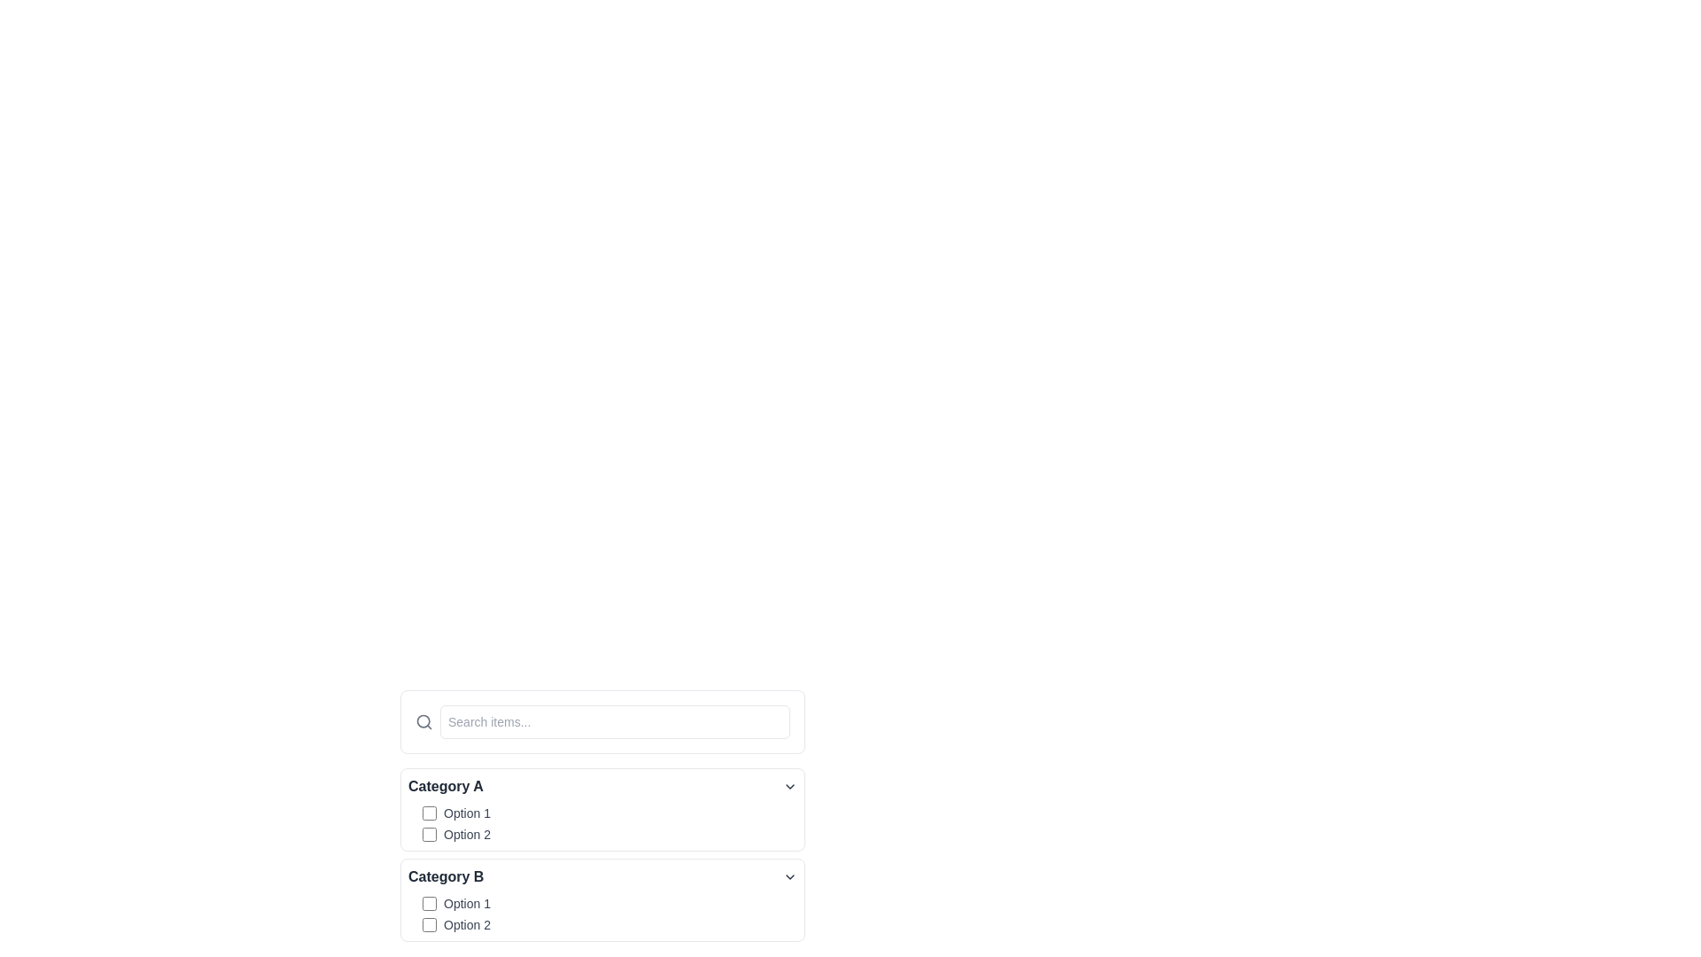 Image resolution: width=1701 pixels, height=957 pixels. I want to click on the checkbox located to the left of the label 'Option 1' under 'Category B', so click(429, 903).